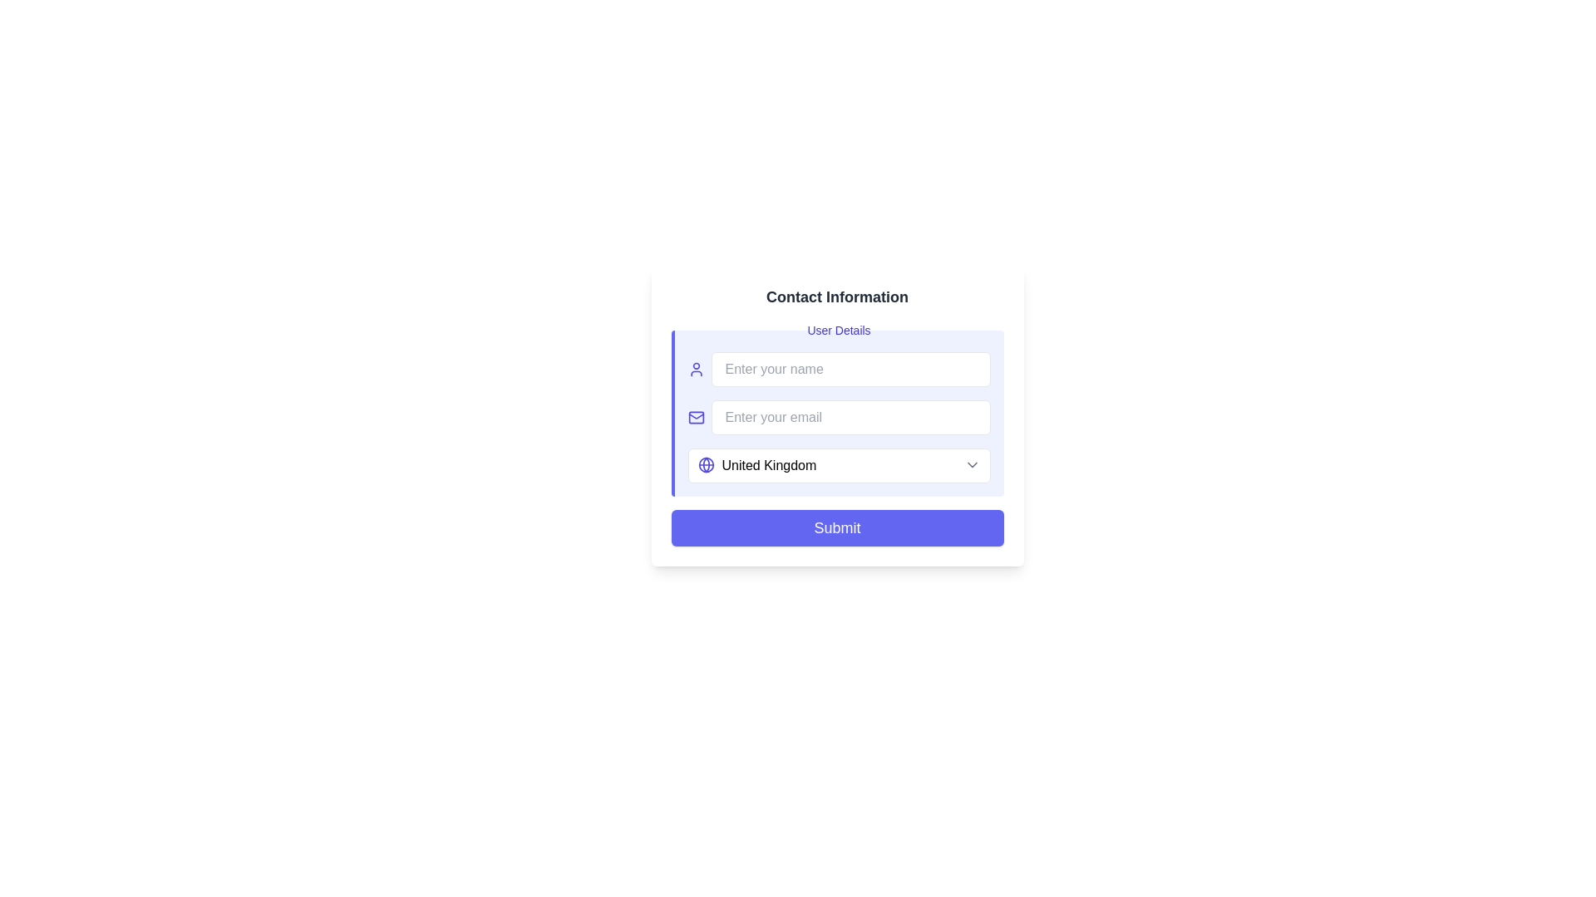 Image resolution: width=1596 pixels, height=897 pixels. What do you see at coordinates (839, 330) in the screenshot?
I see `the 'User Details' text label, which is styled in medium indigo font and located above the name input box within a light indigo background panel` at bounding box center [839, 330].